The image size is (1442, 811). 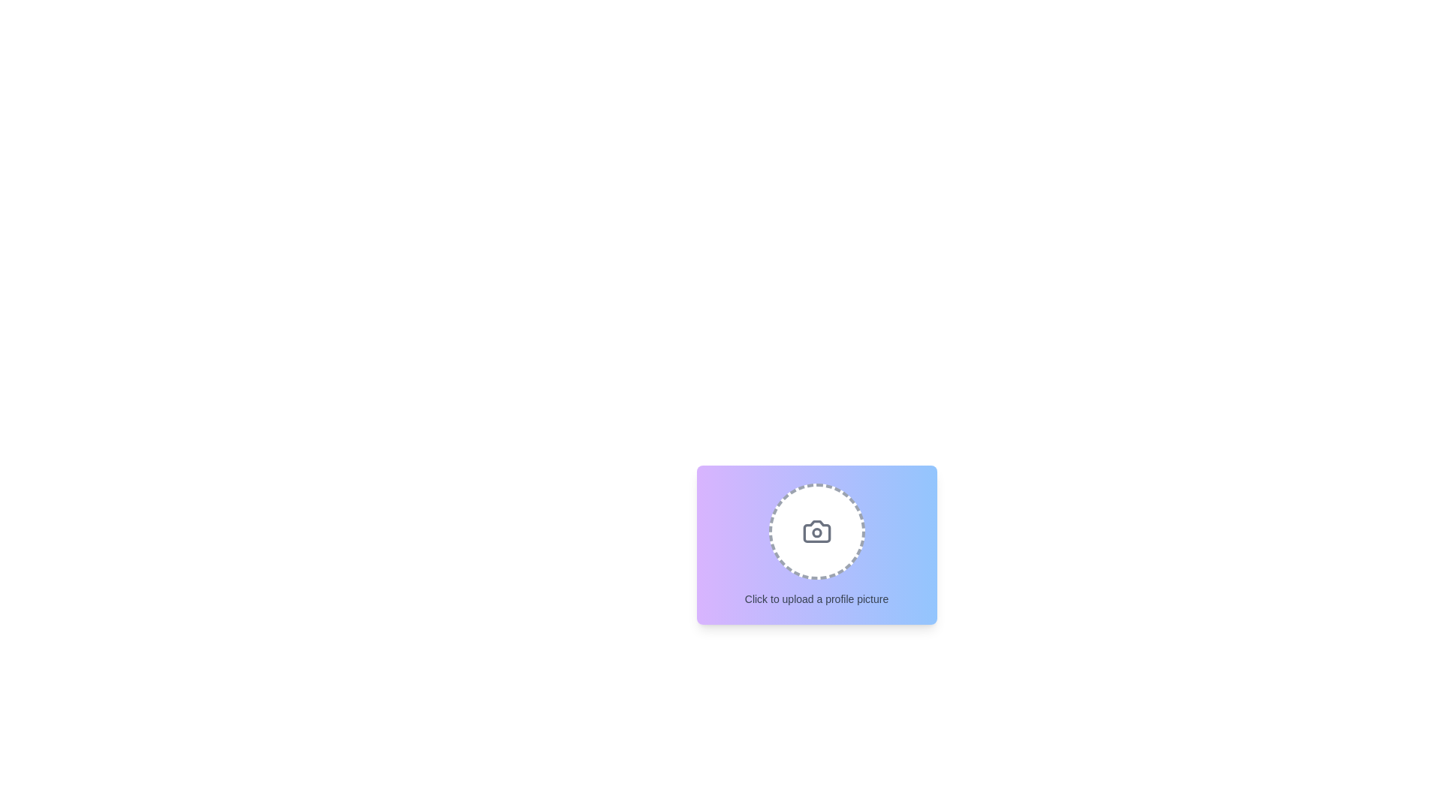 What do you see at coordinates (816, 531) in the screenshot?
I see `the camera icon located in the center of its circular dashed-bordered area within the profile picture uploader` at bounding box center [816, 531].